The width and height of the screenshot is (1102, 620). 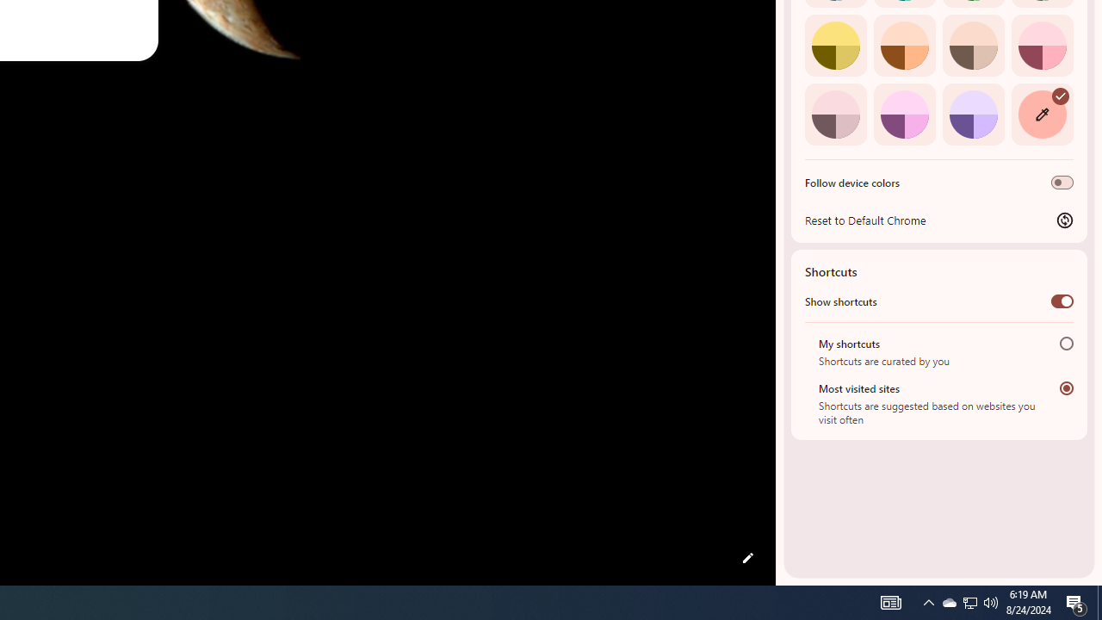 I want to click on 'Reset to Default Chrome', so click(x=938, y=219).